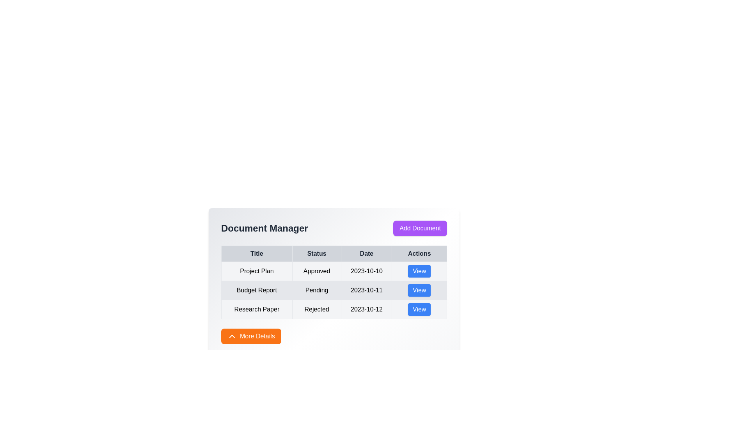 This screenshot has width=749, height=421. What do you see at coordinates (366, 271) in the screenshot?
I see `the text display showing '2023-10-10' which is positioned under the 'Date' column in the table` at bounding box center [366, 271].